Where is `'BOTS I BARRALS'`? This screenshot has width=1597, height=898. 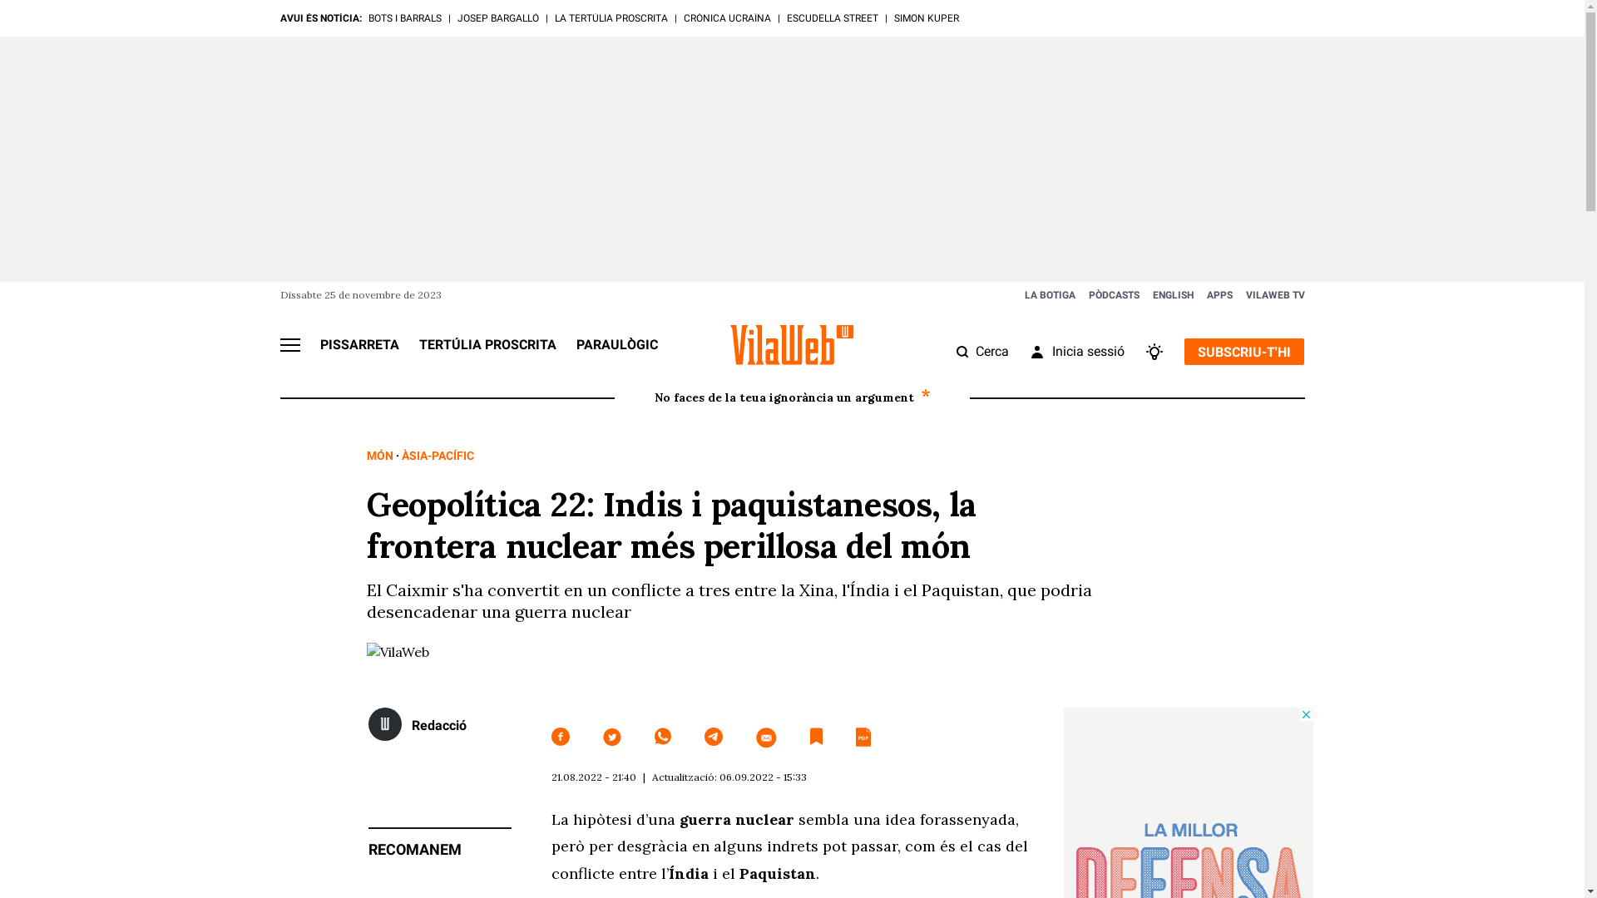
'BOTS I BARRALS' is located at coordinates (403, 18).